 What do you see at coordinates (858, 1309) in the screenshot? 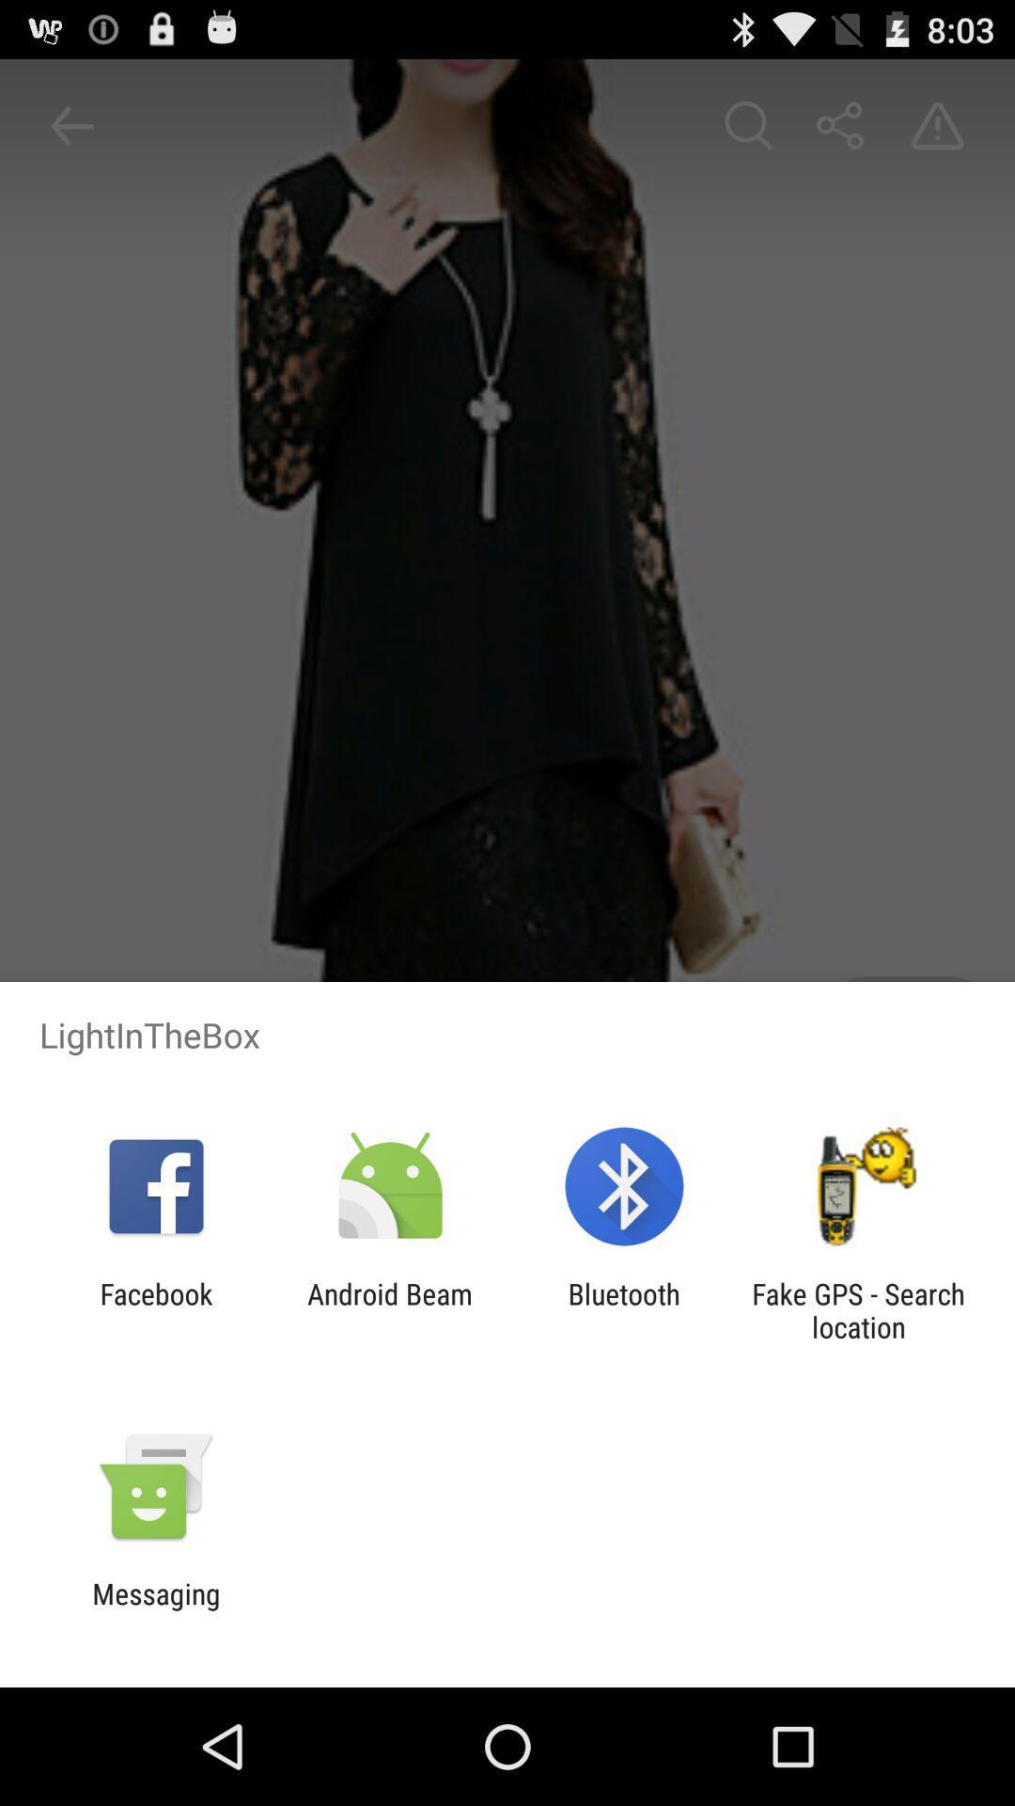
I see `the app to the right of bluetooth item` at bounding box center [858, 1309].